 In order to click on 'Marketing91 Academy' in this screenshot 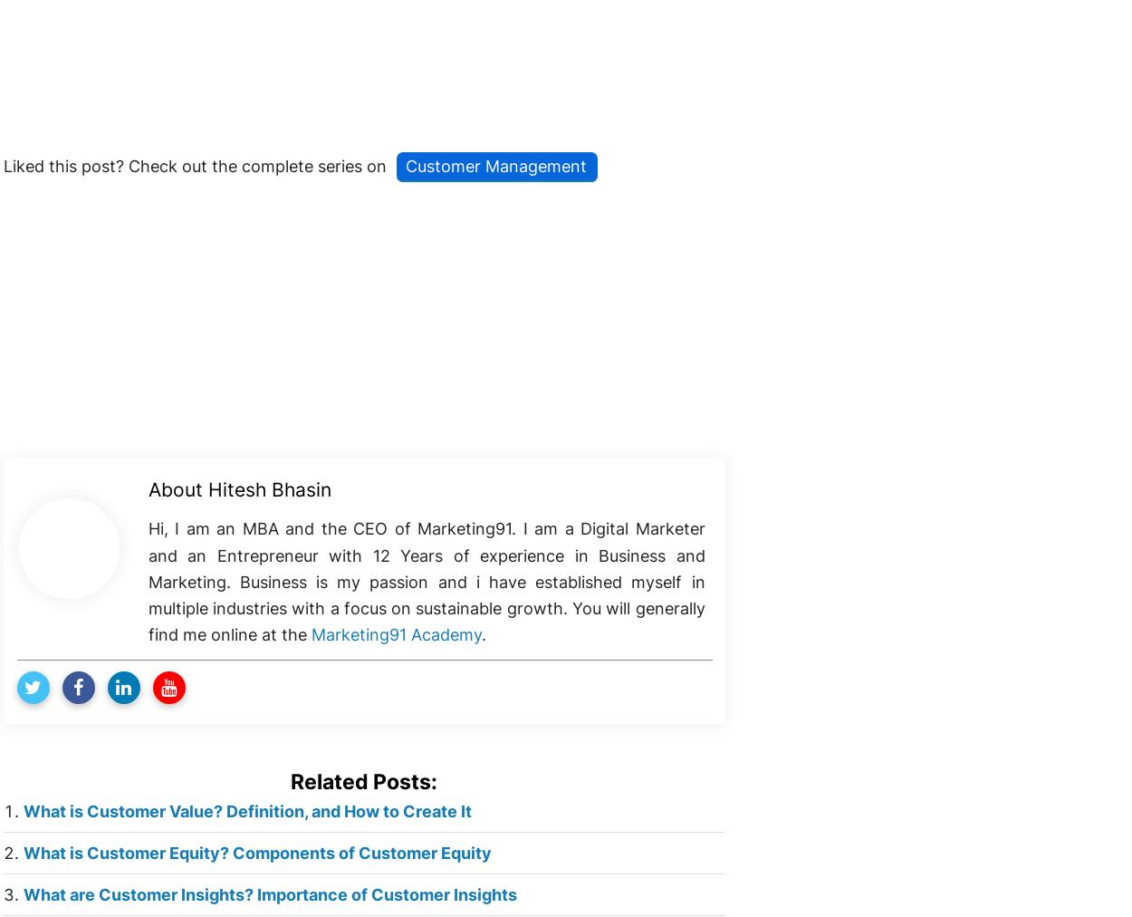, I will do `click(396, 634)`.